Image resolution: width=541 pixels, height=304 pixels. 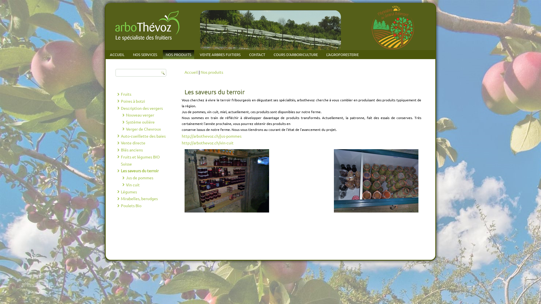 I want to click on 'Mirabelles, berudges', so click(x=139, y=198).